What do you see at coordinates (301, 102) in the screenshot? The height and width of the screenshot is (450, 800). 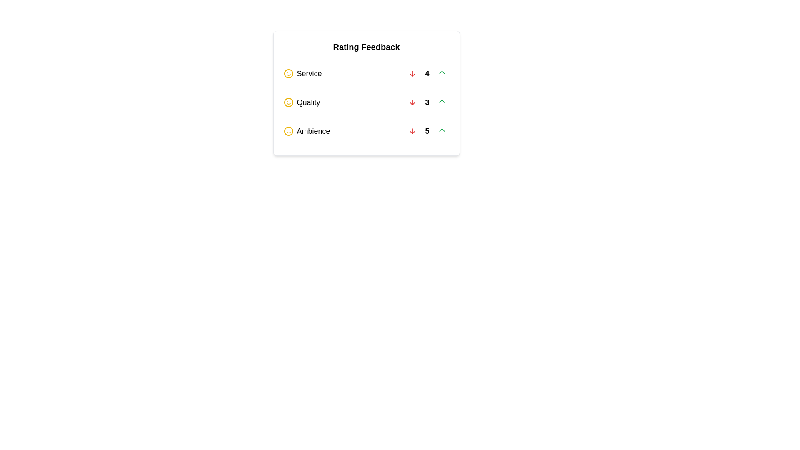 I see `the 'Quality' label element, which is a non-interactive category label located in the center row of a vertically stacked list, positioned between 'Service' and 'Ambience'` at bounding box center [301, 102].